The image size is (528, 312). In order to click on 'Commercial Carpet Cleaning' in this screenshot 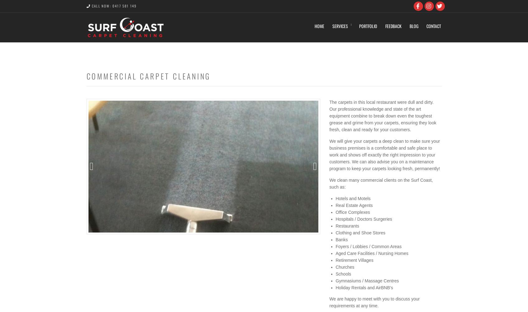, I will do `click(148, 76)`.